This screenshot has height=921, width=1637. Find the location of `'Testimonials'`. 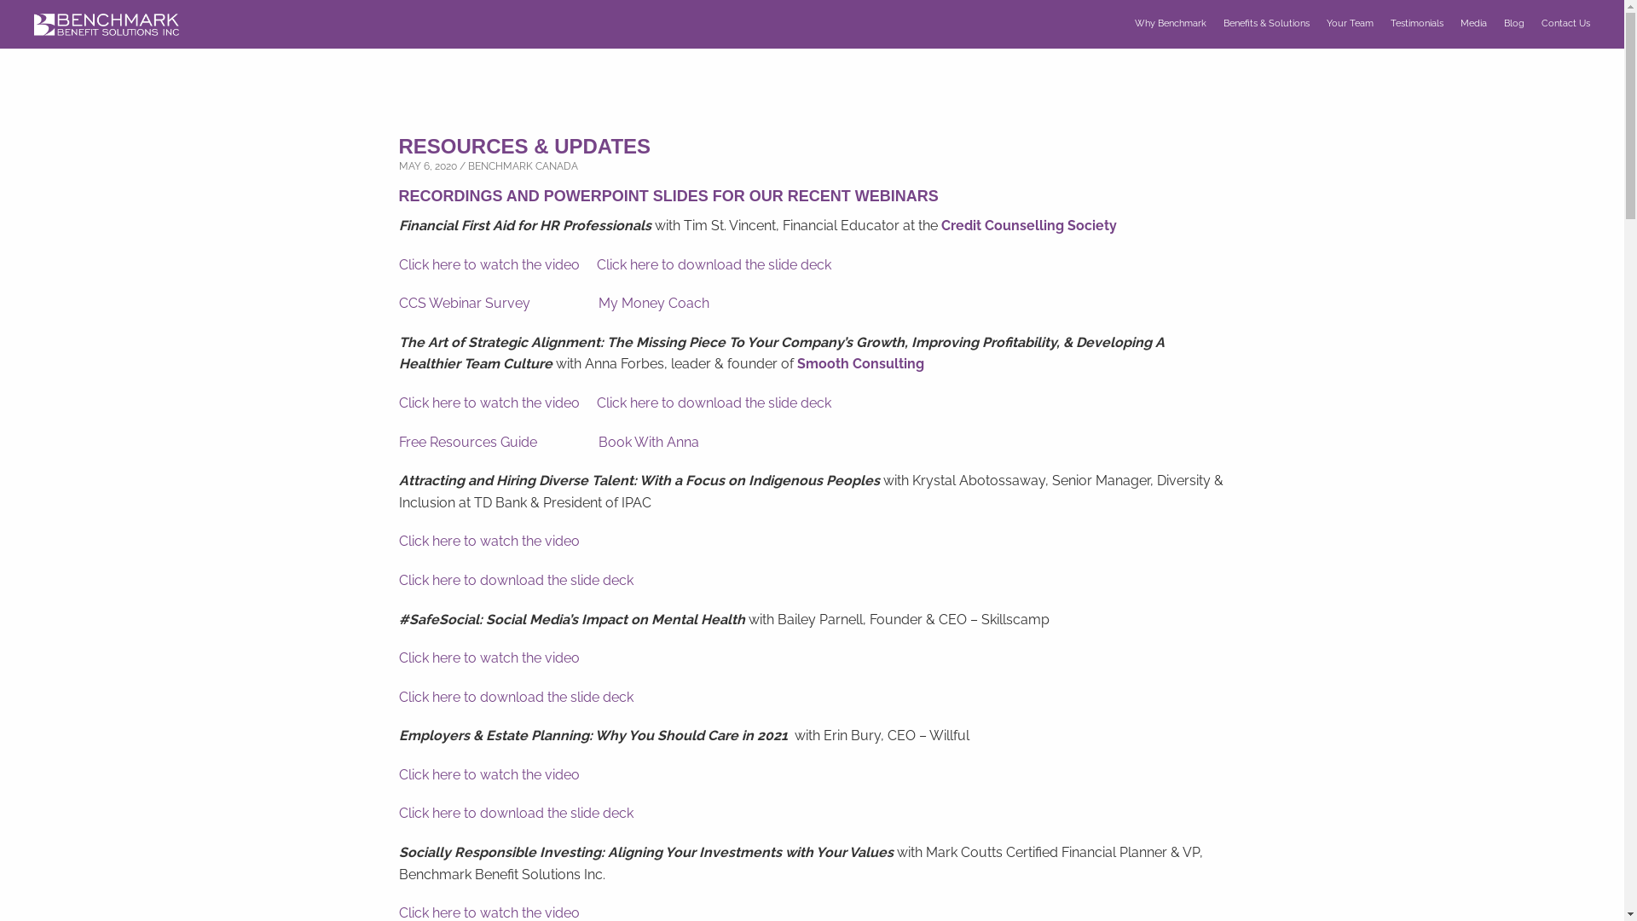

'Testimonials' is located at coordinates (1416, 23).